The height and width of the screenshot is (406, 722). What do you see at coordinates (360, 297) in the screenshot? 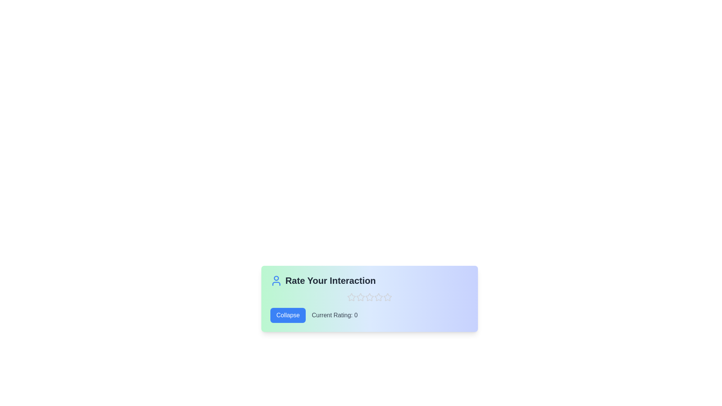
I see `the star corresponding to the desired rating 2` at bounding box center [360, 297].